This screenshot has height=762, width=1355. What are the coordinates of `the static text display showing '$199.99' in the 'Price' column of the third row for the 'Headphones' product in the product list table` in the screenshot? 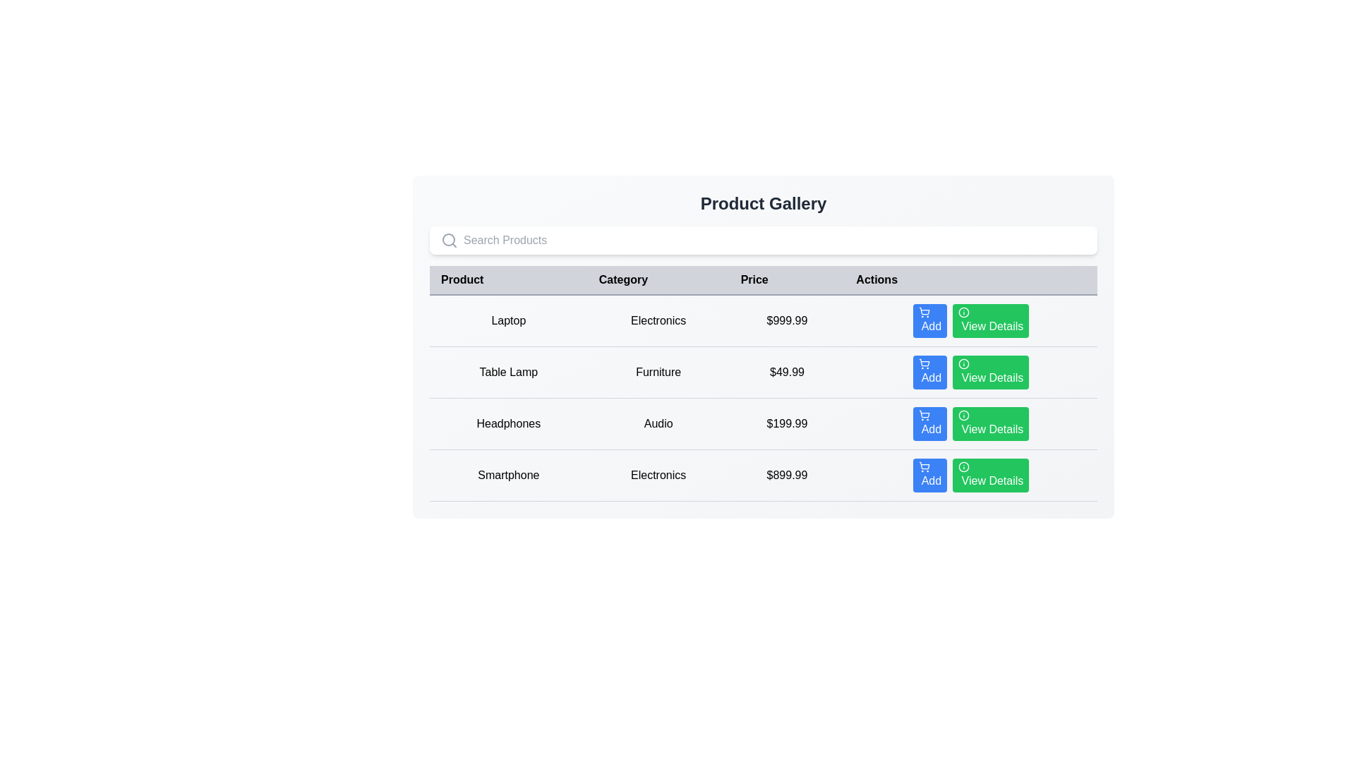 It's located at (786, 423).